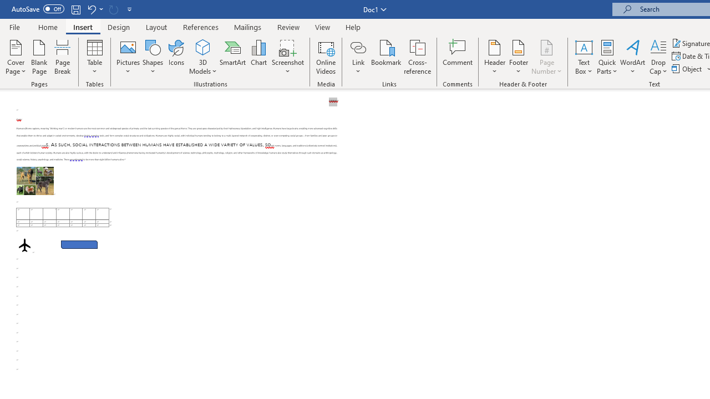 This screenshot has width=710, height=399. I want to click on 'Undo Apply Quick Style Set', so click(91, 9).